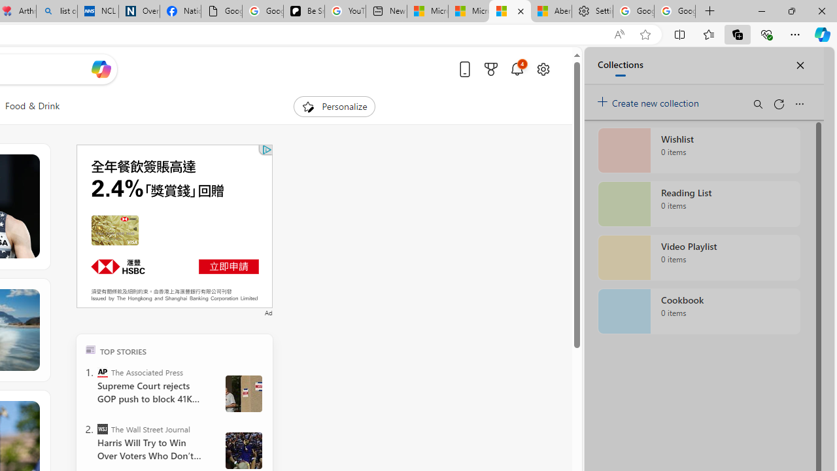  What do you see at coordinates (303, 11) in the screenshot?
I see `'Be Smart | creating Science videos | Patreon'` at bounding box center [303, 11].